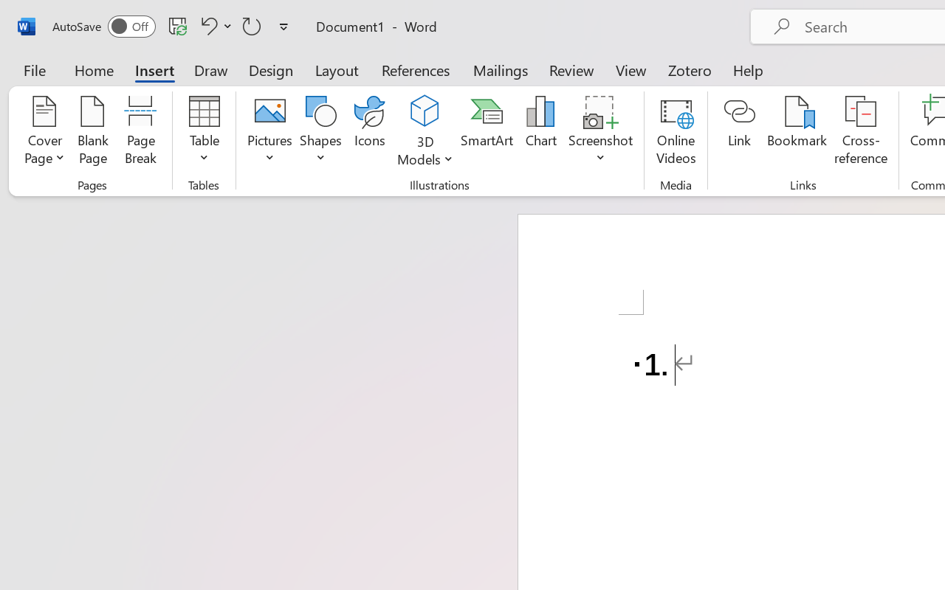  Describe the element at coordinates (740, 132) in the screenshot. I see `'Link'` at that location.